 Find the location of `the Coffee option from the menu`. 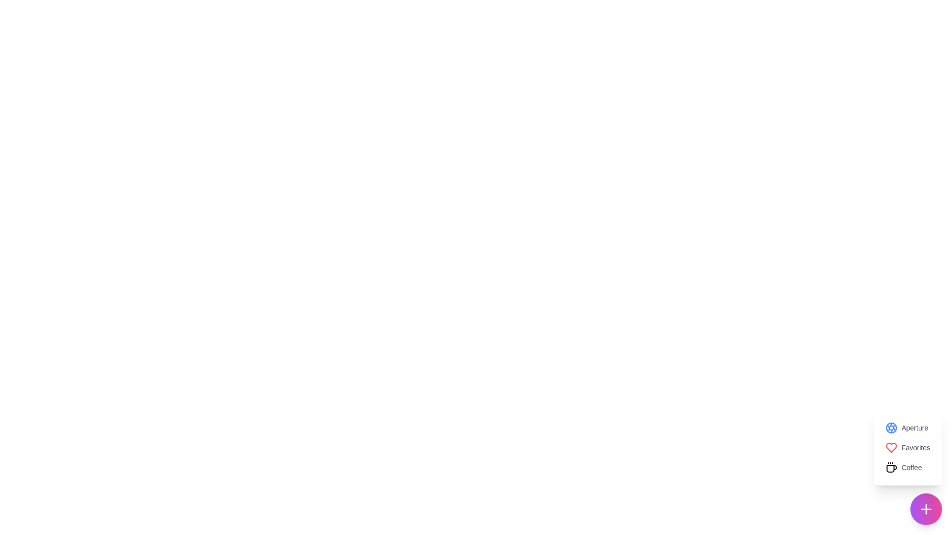

the Coffee option from the menu is located at coordinates (904, 468).